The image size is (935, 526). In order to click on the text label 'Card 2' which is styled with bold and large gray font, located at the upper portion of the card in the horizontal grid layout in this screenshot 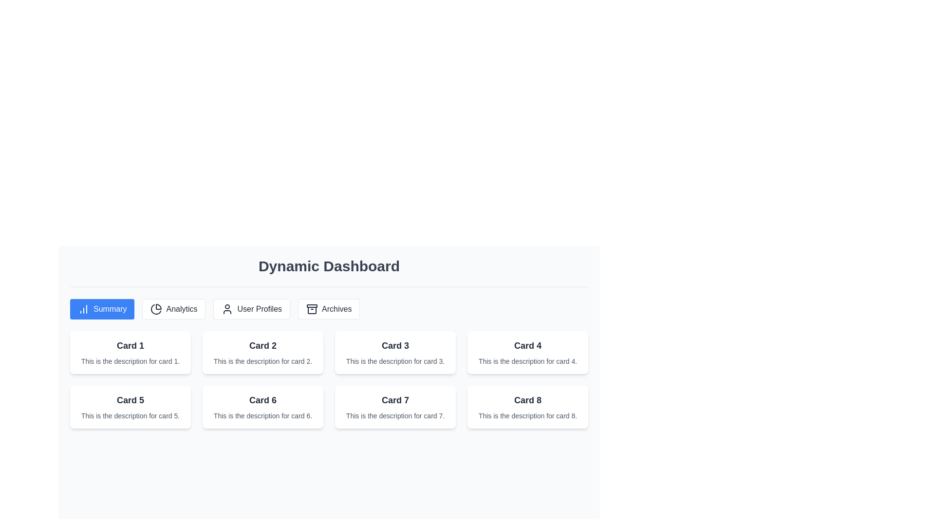, I will do `click(262, 345)`.